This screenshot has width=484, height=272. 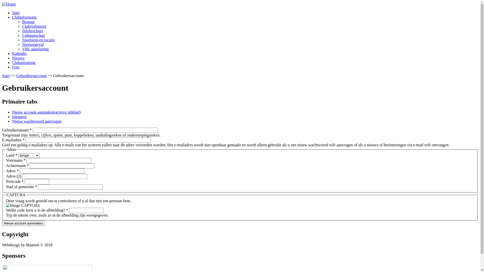 I want to click on 'Image CAPTCHA', so click(x=6, y=206).